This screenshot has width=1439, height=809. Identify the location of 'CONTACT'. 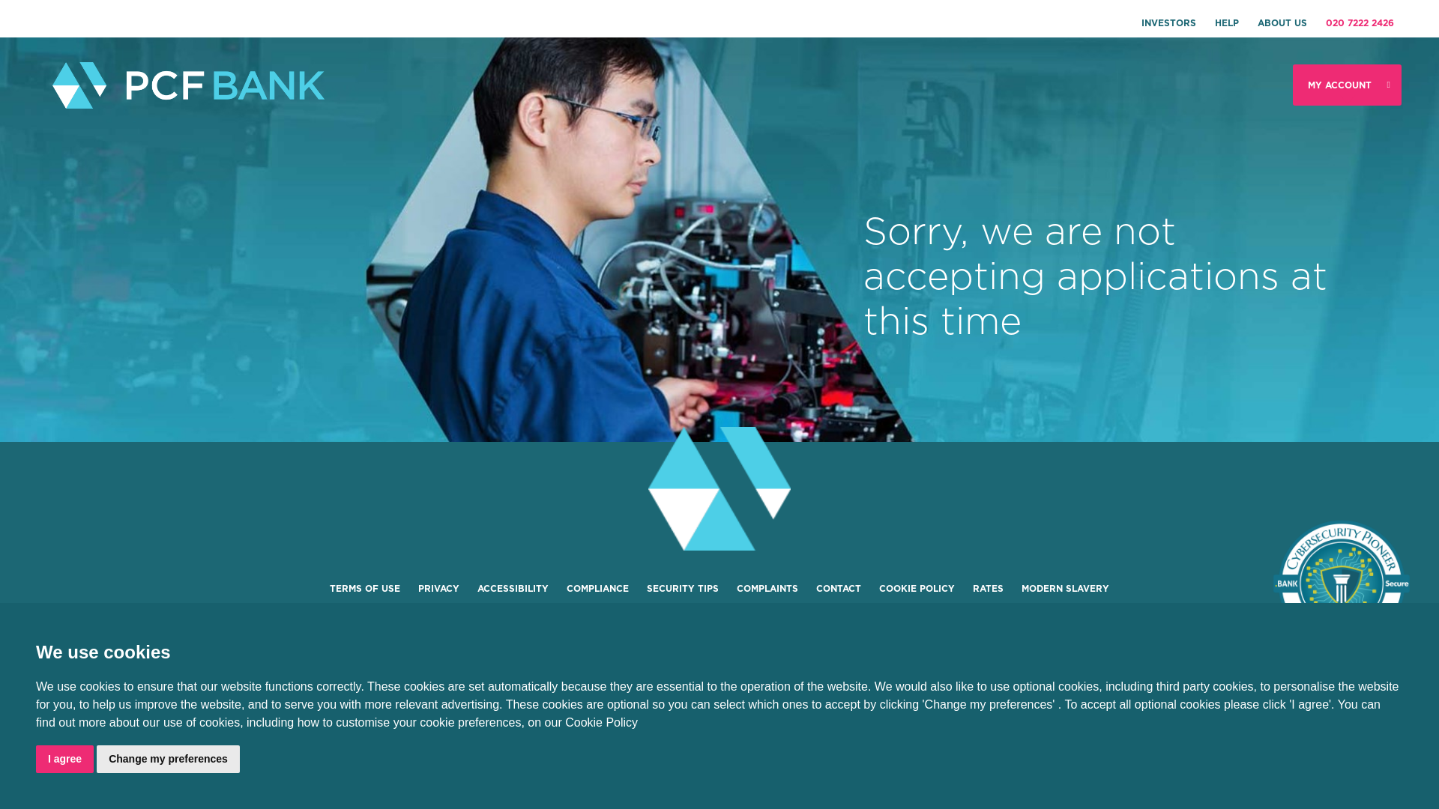
(815, 588).